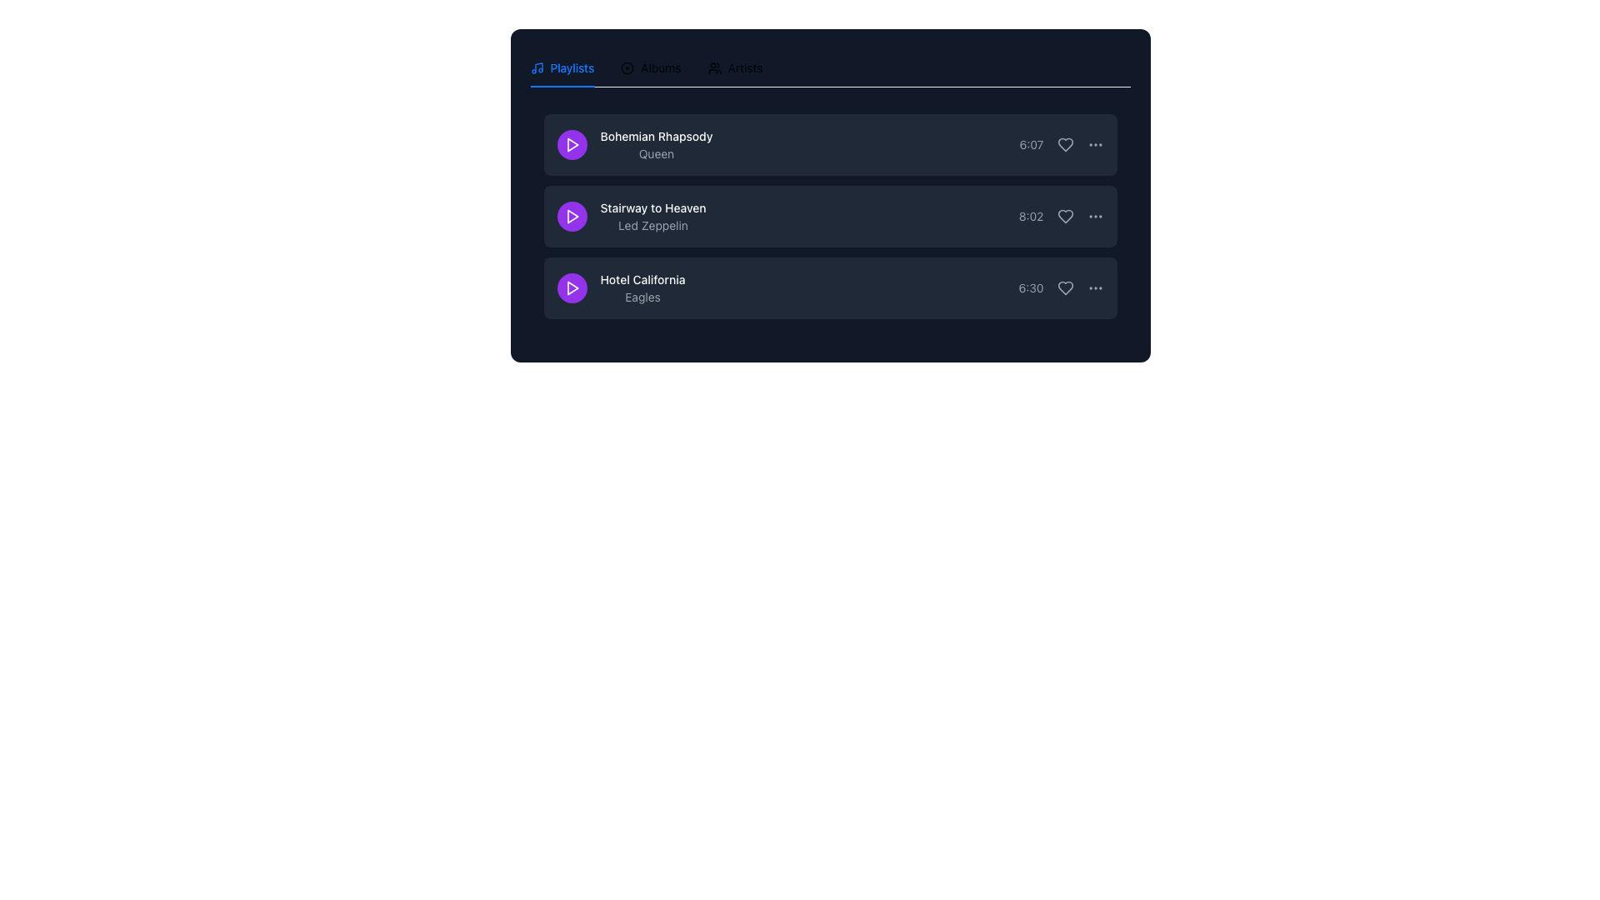 The image size is (1600, 900). Describe the element at coordinates (1064, 287) in the screenshot. I see `the heart-shaped outline icon, which is gray and changes to purple on hover, located to the right of the song duration '6:30' in the third row of the song list` at that location.